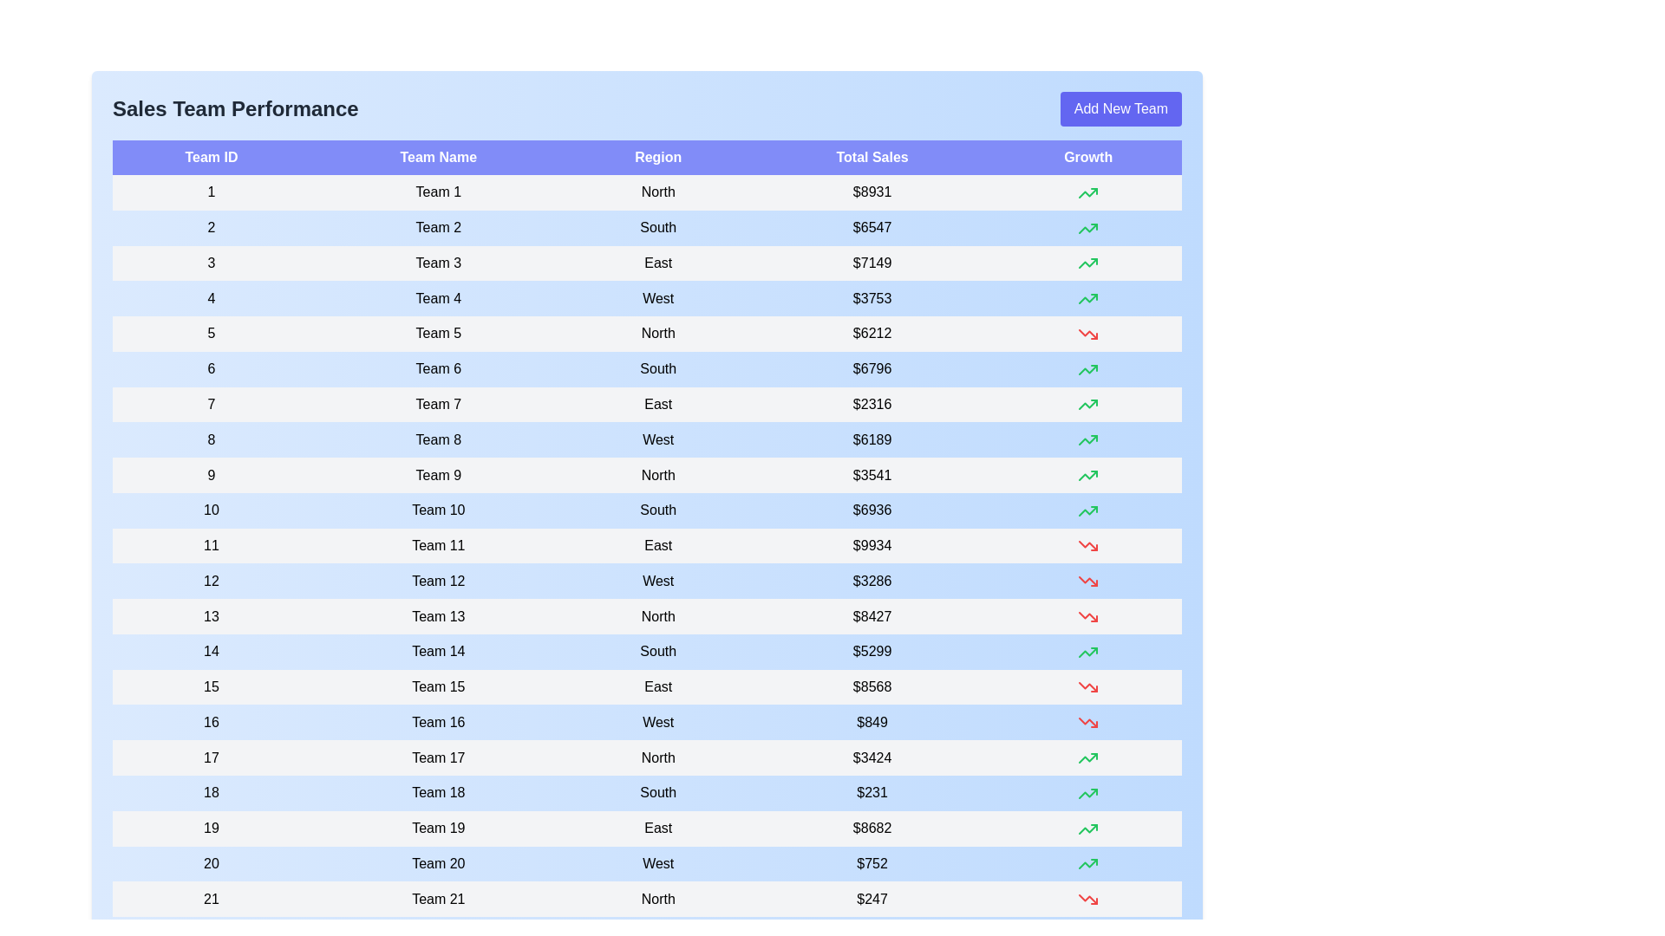  Describe the element at coordinates (657, 157) in the screenshot. I see `the header to sort the table by Region` at that location.